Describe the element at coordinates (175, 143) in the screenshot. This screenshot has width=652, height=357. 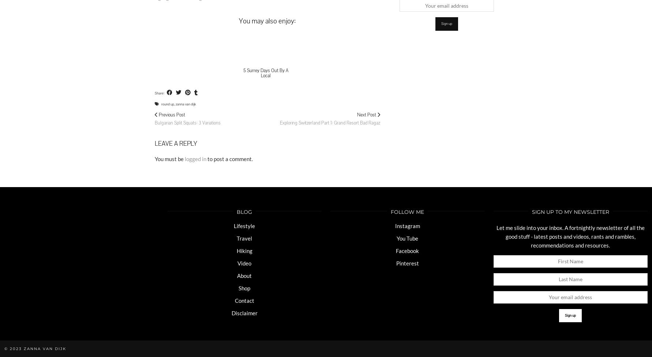
I see `'Leave a Reply'` at that location.